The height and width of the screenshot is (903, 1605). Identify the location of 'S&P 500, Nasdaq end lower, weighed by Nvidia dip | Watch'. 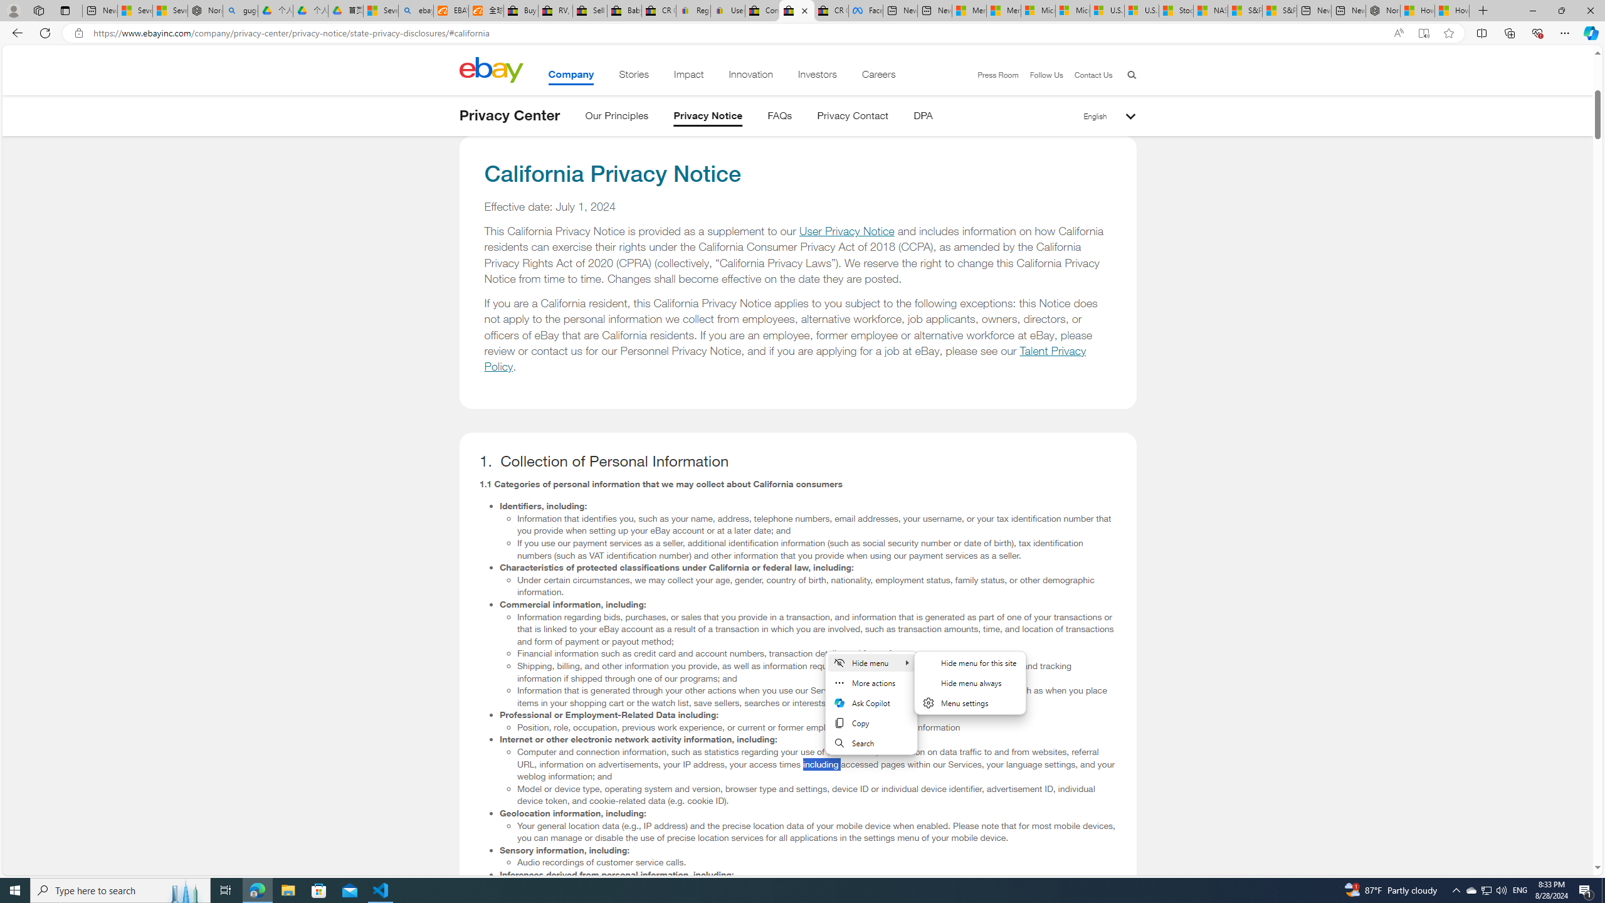
(1278, 10).